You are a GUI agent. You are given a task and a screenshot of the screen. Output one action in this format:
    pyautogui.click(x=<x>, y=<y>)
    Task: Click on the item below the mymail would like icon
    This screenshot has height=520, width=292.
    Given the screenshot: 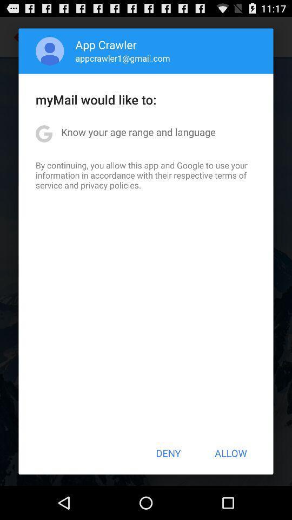 What is the action you would take?
    pyautogui.click(x=138, y=131)
    